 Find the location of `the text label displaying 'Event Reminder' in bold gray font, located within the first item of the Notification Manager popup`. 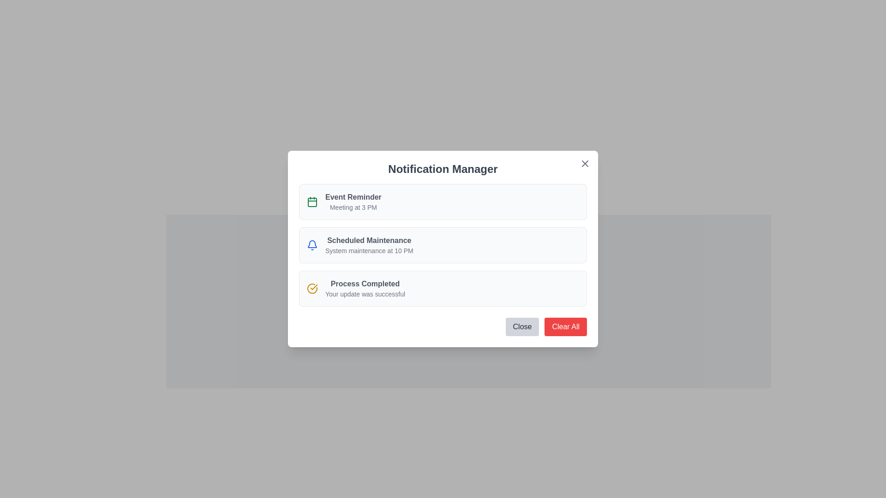

the text label displaying 'Event Reminder' in bold gray font, located within the first item of the Notification Manager popup is located at coordinates (353, 197).